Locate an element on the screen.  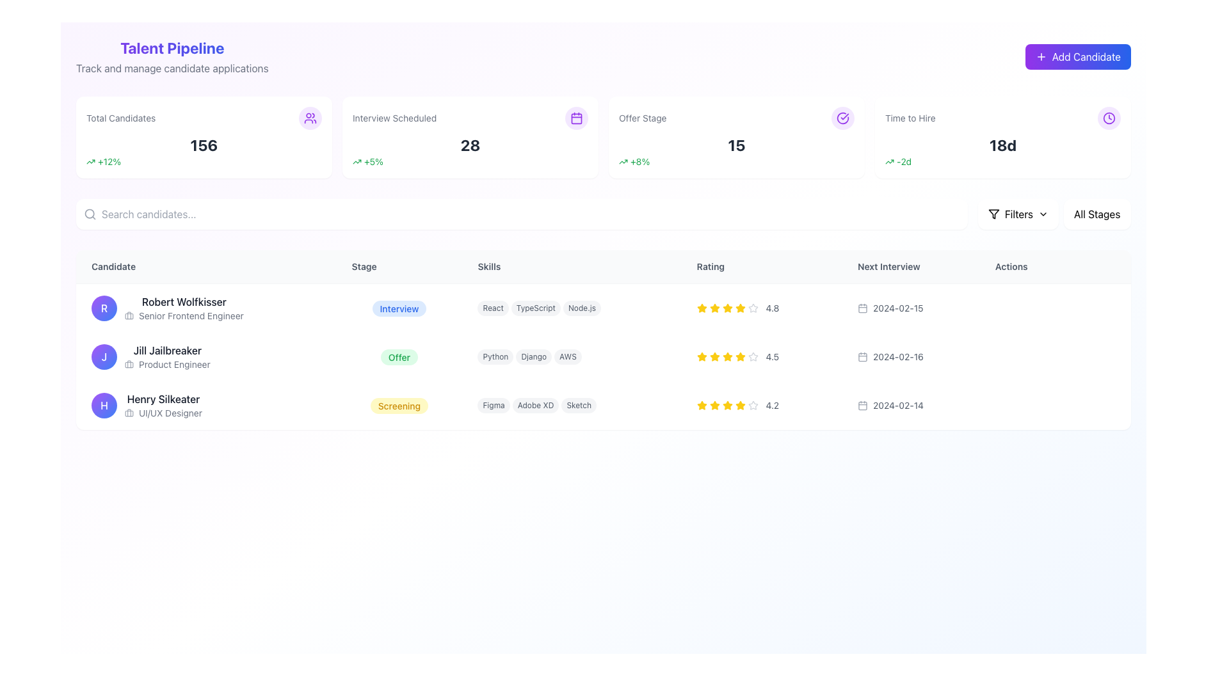
the text label displaying '4.5' located in the 'Rating' column next to the star icons for 'Jill Jailbreaker' is located at coordinates (762, 357).